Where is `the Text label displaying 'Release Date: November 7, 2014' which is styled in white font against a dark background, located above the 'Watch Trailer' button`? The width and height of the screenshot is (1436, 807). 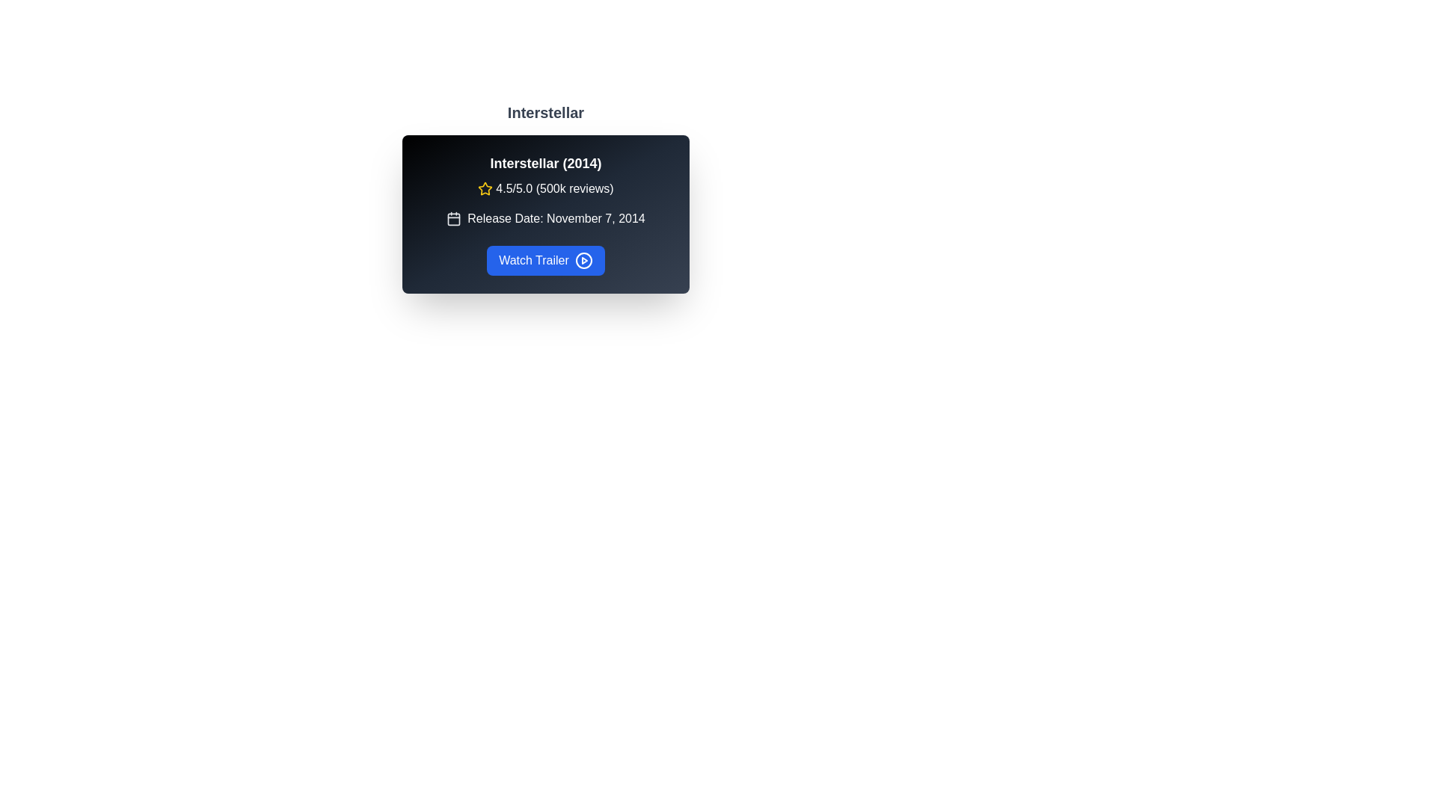
the Text label displaying 'Release Date: November 7, 2014' which is styled in white font against a dark background, located above the 'Watch Trailer' button is located at coordinates (556, 219).